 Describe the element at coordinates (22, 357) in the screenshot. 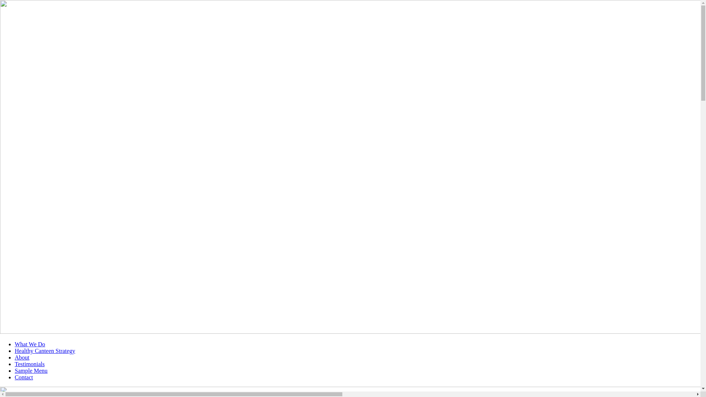

I see `'About'` at that location.